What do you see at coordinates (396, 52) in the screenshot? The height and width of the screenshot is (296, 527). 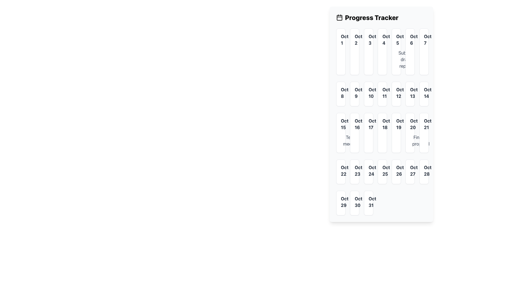 I see `the Calendar Date Block for October 5th` at bounding box center [396, 52].